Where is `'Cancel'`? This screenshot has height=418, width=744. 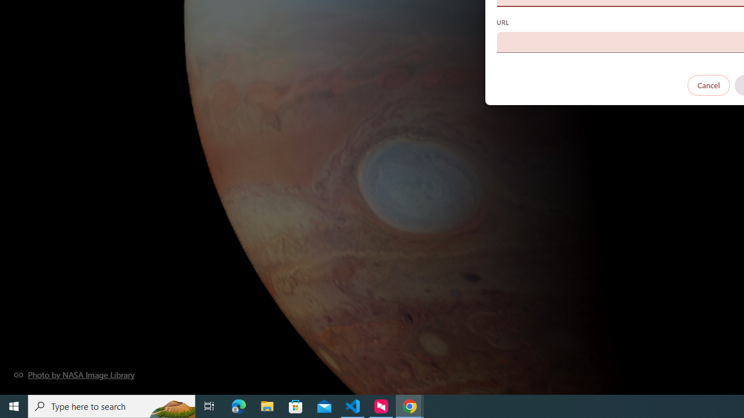 'Cancel' is located at coordinates (707, 84).